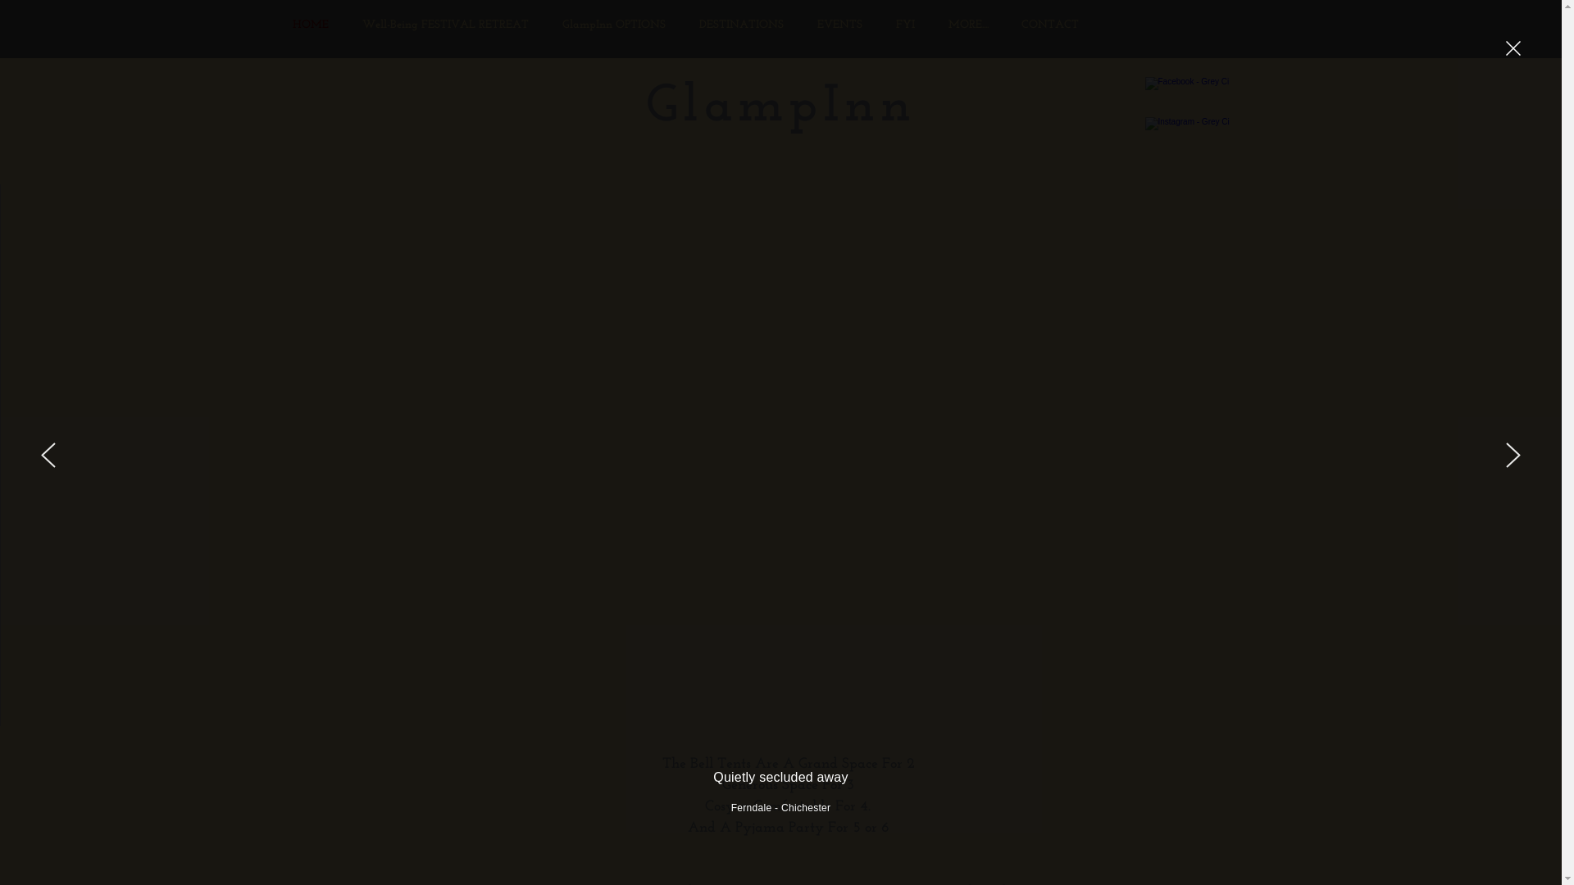 The height and width of the screenshot is (885, 1574). I want to click on 'FYI', so click(904, 25).